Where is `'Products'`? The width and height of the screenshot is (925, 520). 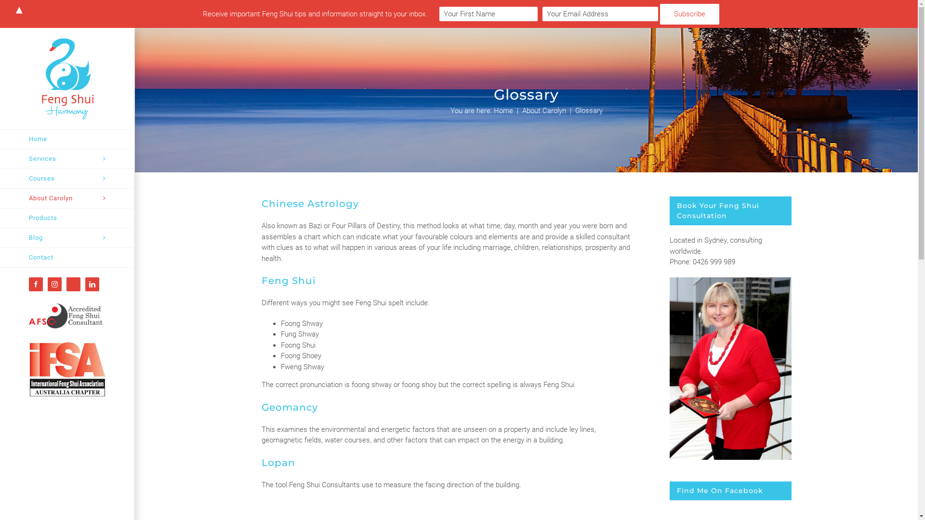 'Products' is located at coordinates (66, 218).